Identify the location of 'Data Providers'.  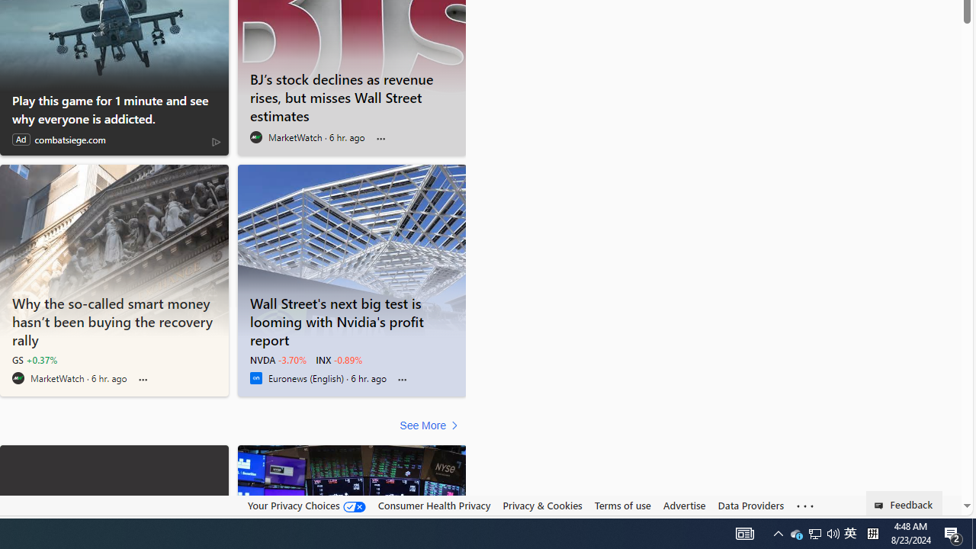
(750, 506).